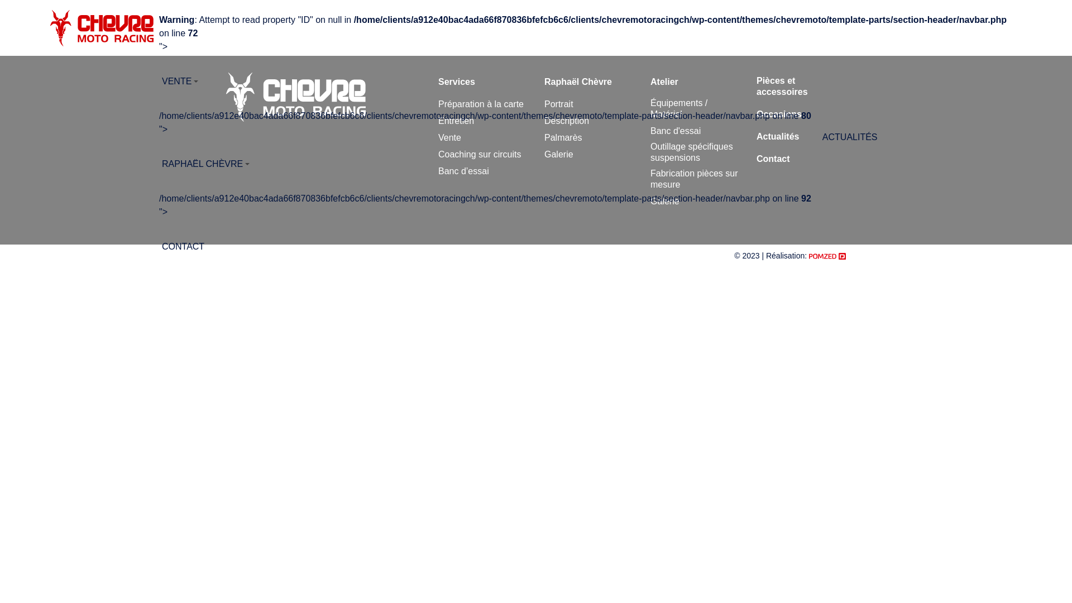 The height and width of the screenshot is (603, 1072). What do you see at coordinates (566, 121) in the screenshot?
I see `'Description'` at bounding box center [566, 121].